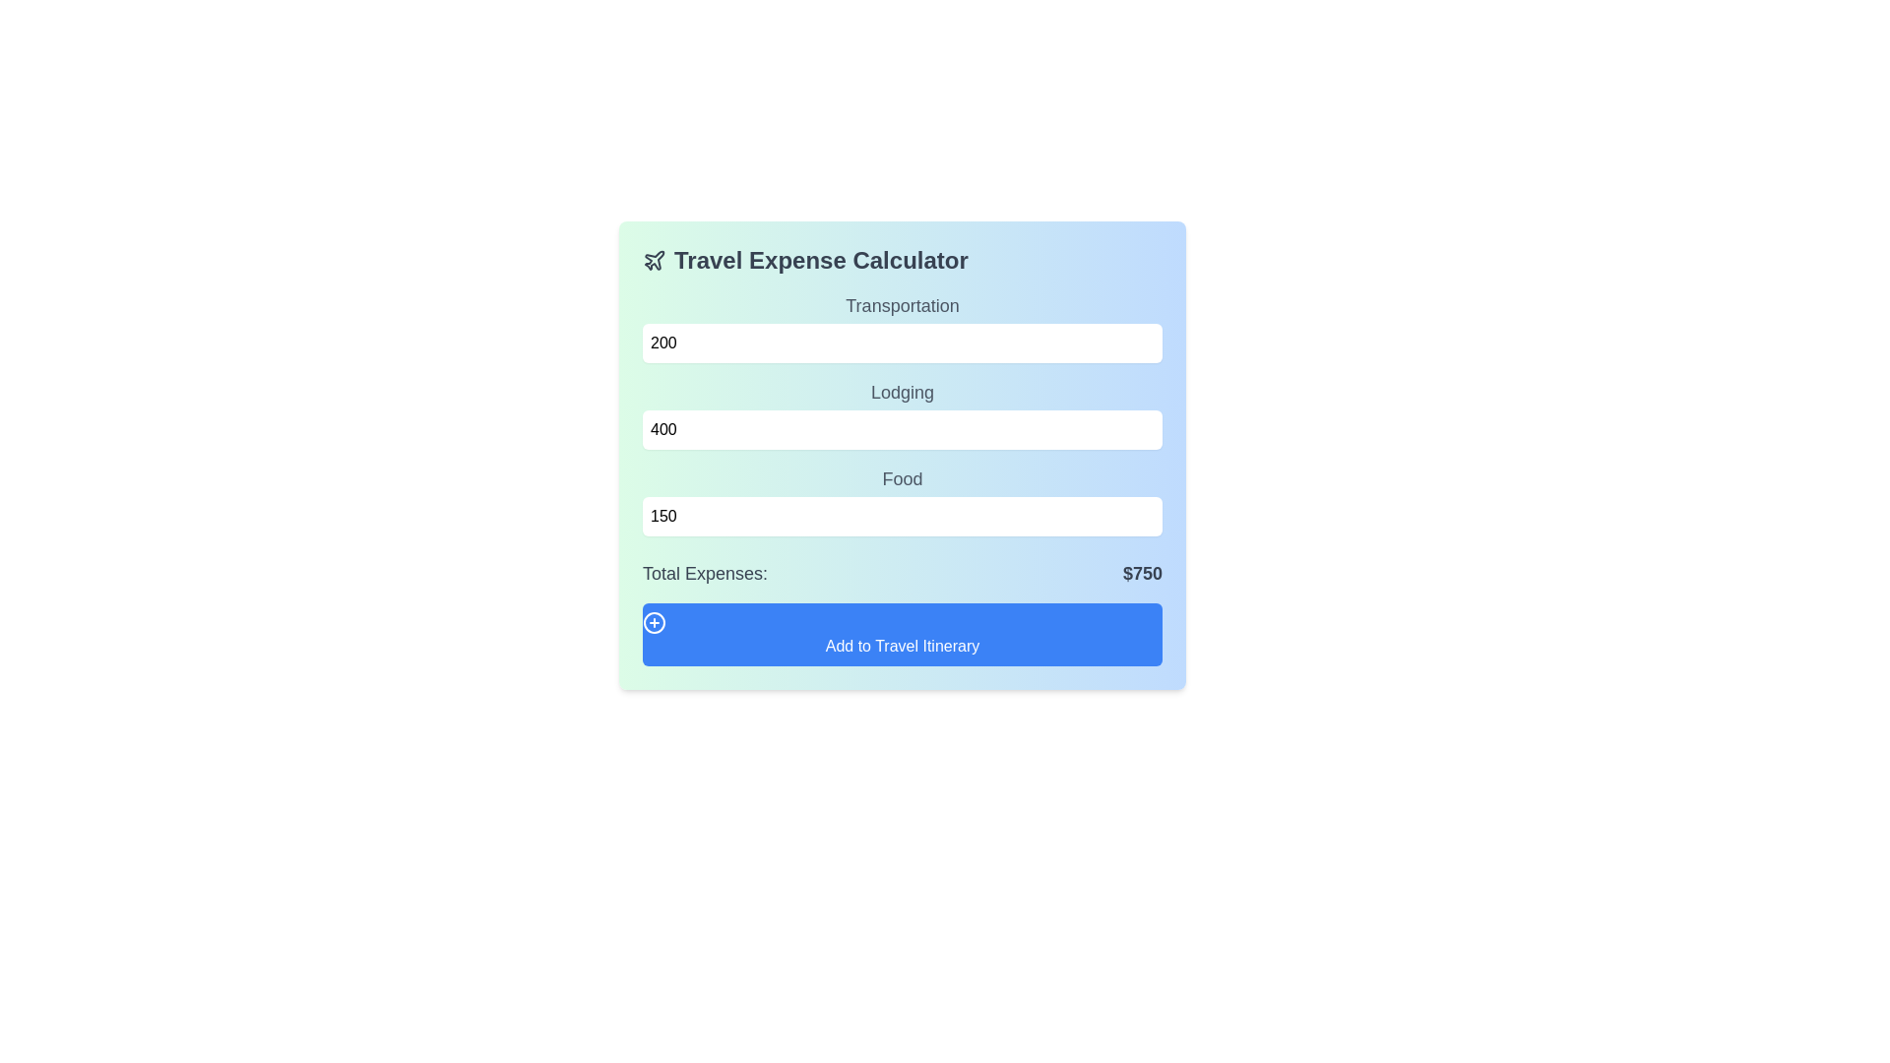 This screenshot has height=1063, width=1890. What do you see at coordinates (901, 500) in the screenshot?
I see `the numeric input field for the 'Food' expense category in the Travel Expense Calculator to focus on it` at bounding box center [901, 500].